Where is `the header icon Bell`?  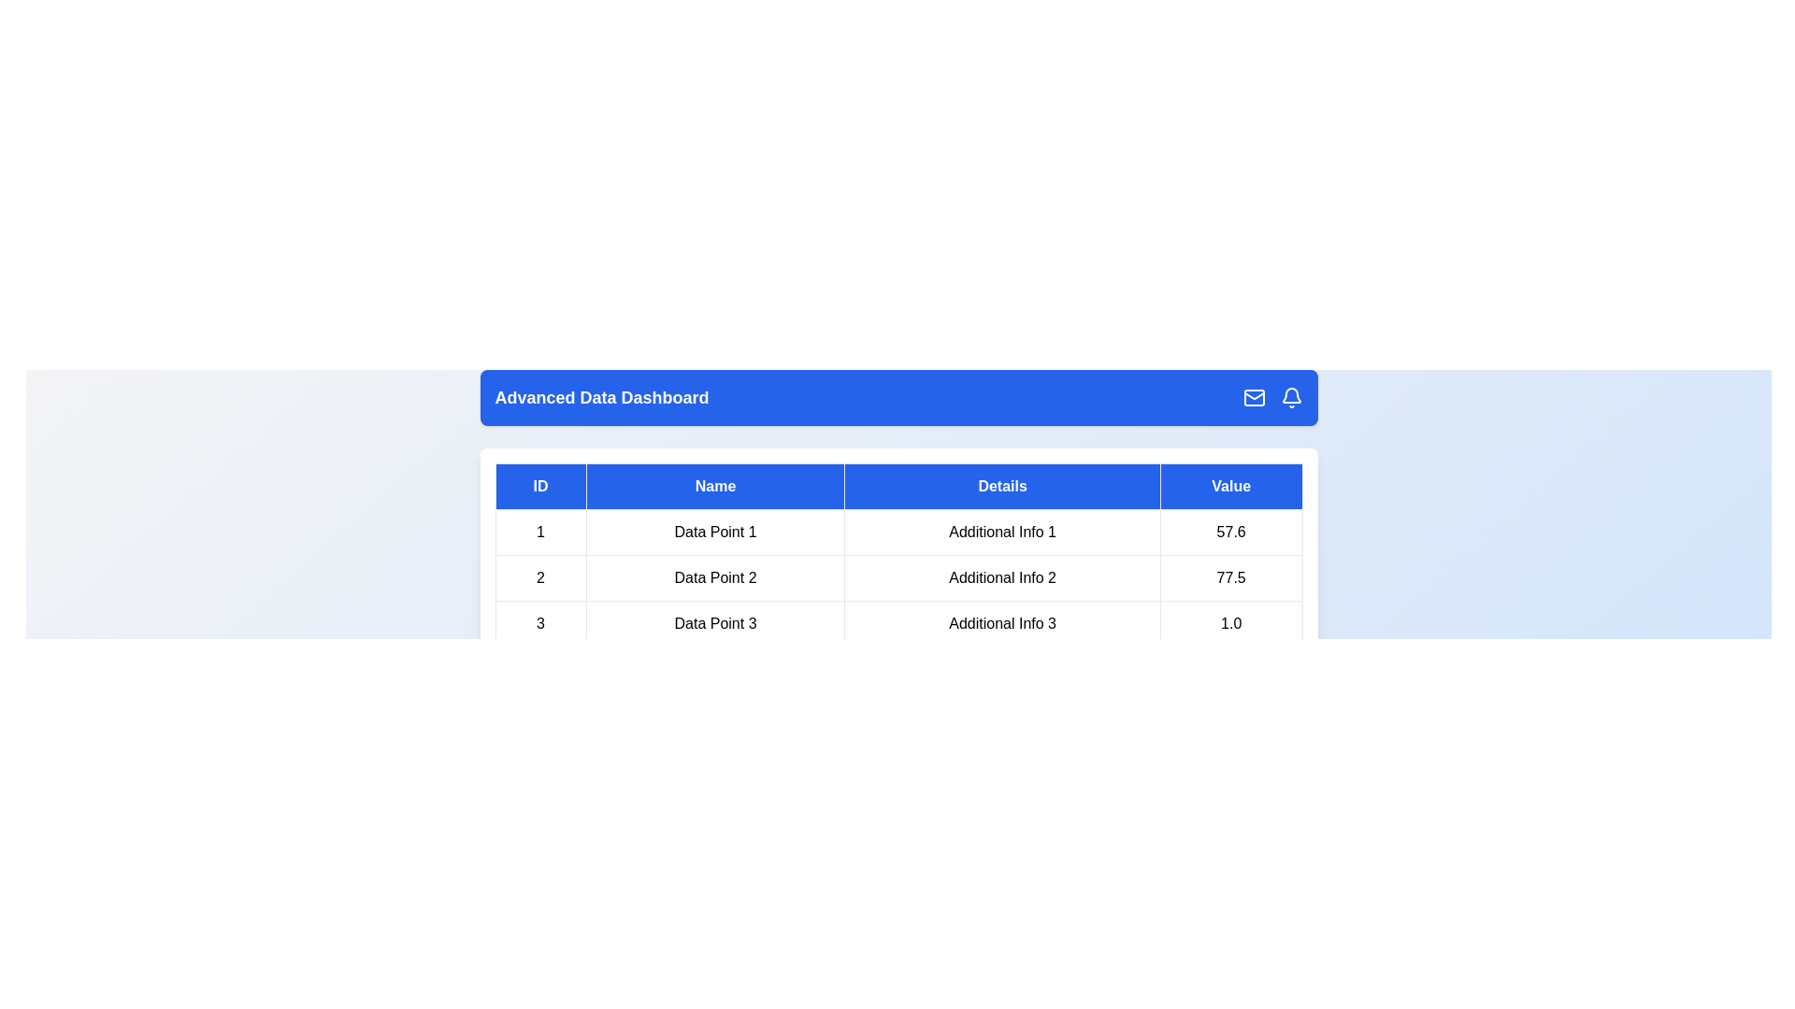 the header icon Bell is located at coordinates (1290, 396).